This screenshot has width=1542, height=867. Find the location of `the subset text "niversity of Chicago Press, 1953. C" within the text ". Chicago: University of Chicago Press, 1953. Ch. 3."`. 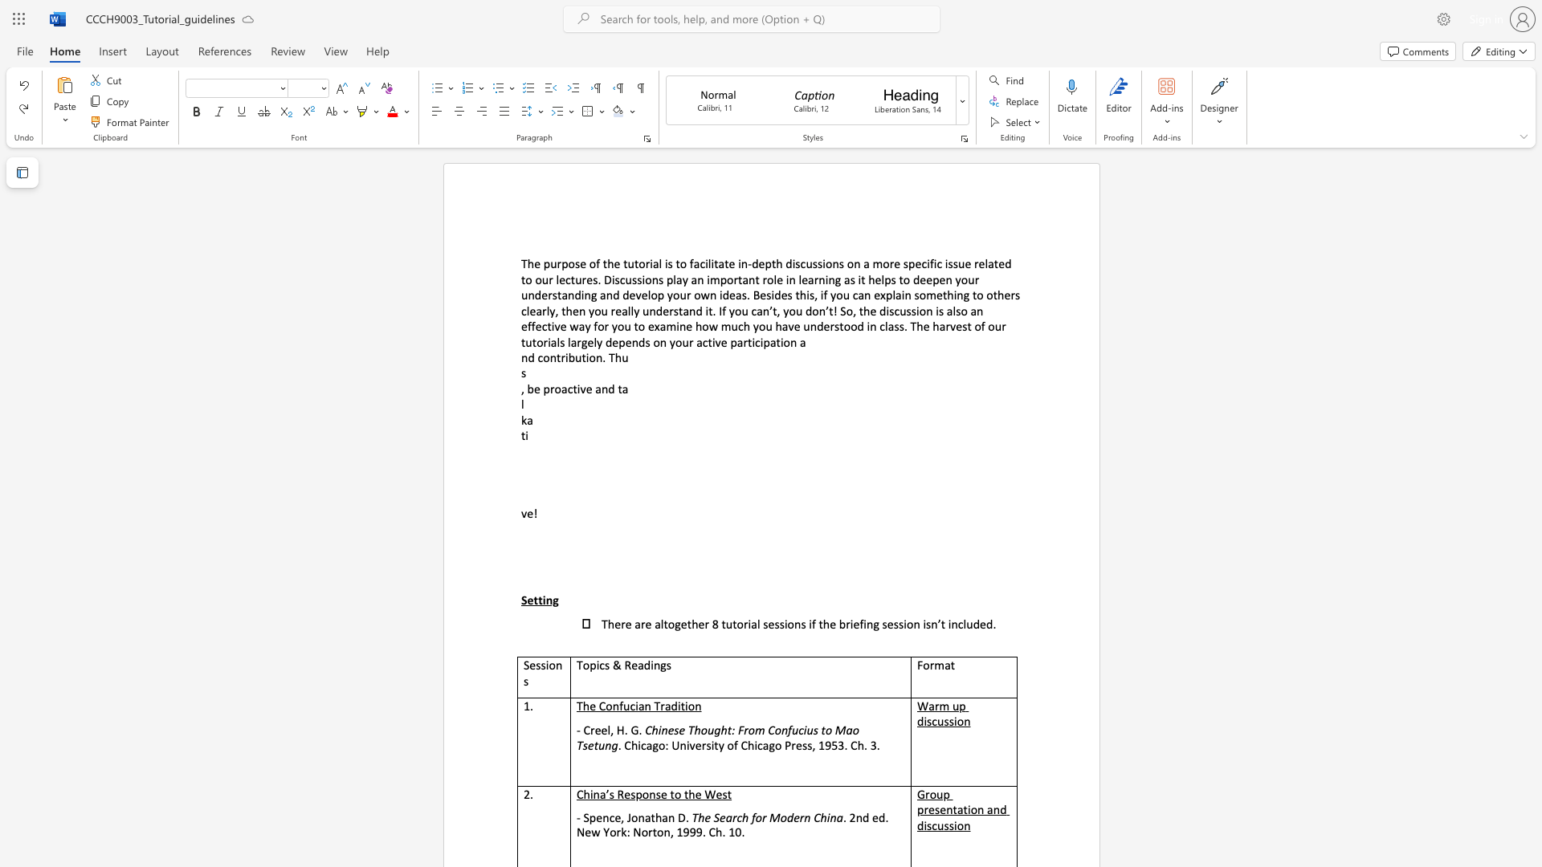

the subset text "niversity of Chicago Press, 1953. C" within the text ". Chicago: University of Chicago Press, 1953. Ch. 3." is located at coordinates (679, 745).